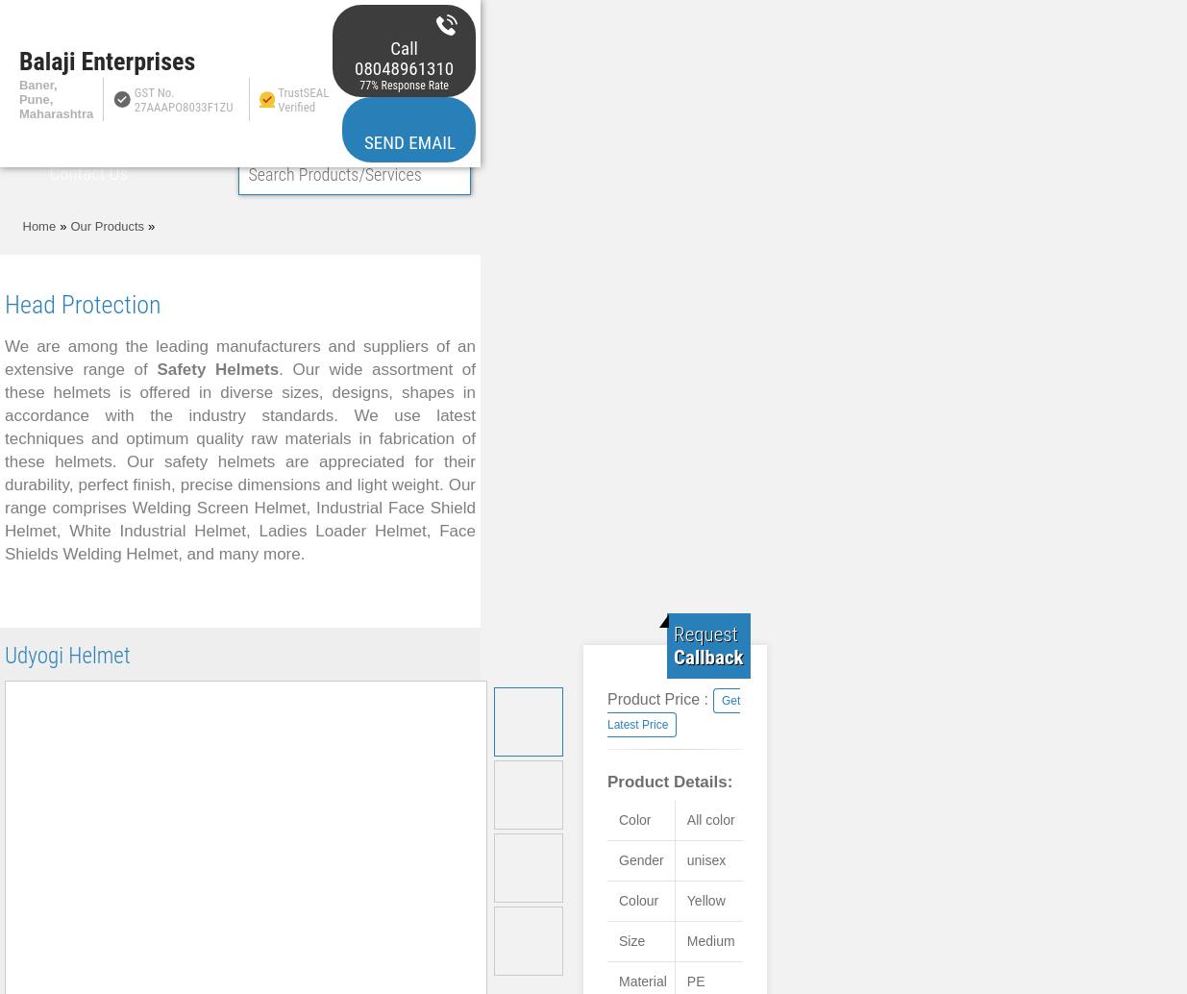 Image resolution: width=1187 pixels, height=994 pixels. What do you see at coordinates (403, 84) in the screenshot?
I see `'77% Response Rate'` at bounding box center [403, 84].